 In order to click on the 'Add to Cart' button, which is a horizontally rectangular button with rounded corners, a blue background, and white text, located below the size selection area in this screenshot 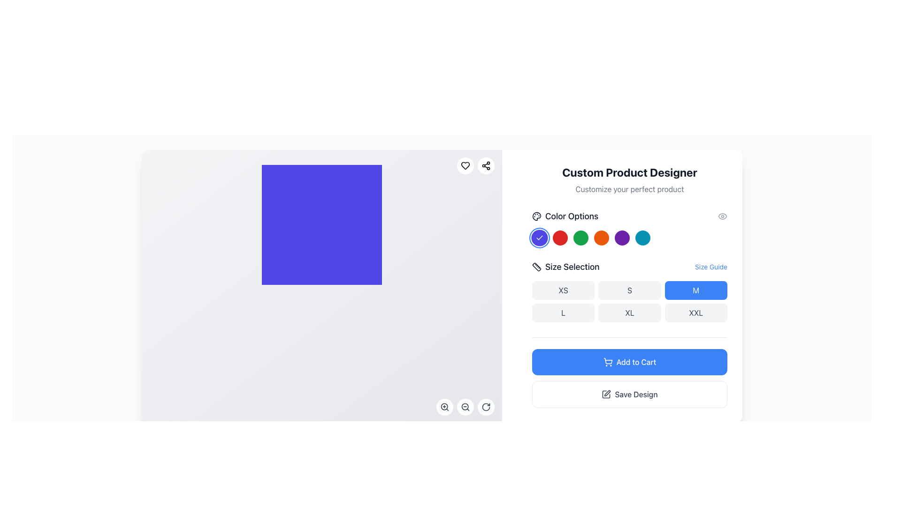, I will do `click(630, 361)`.